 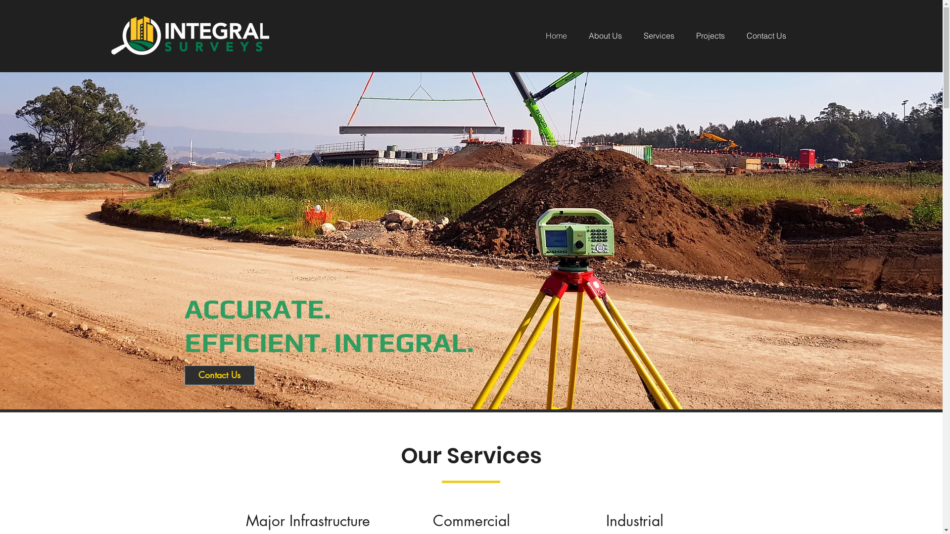 I want to click on 'Home', so click(x=550, y=35).